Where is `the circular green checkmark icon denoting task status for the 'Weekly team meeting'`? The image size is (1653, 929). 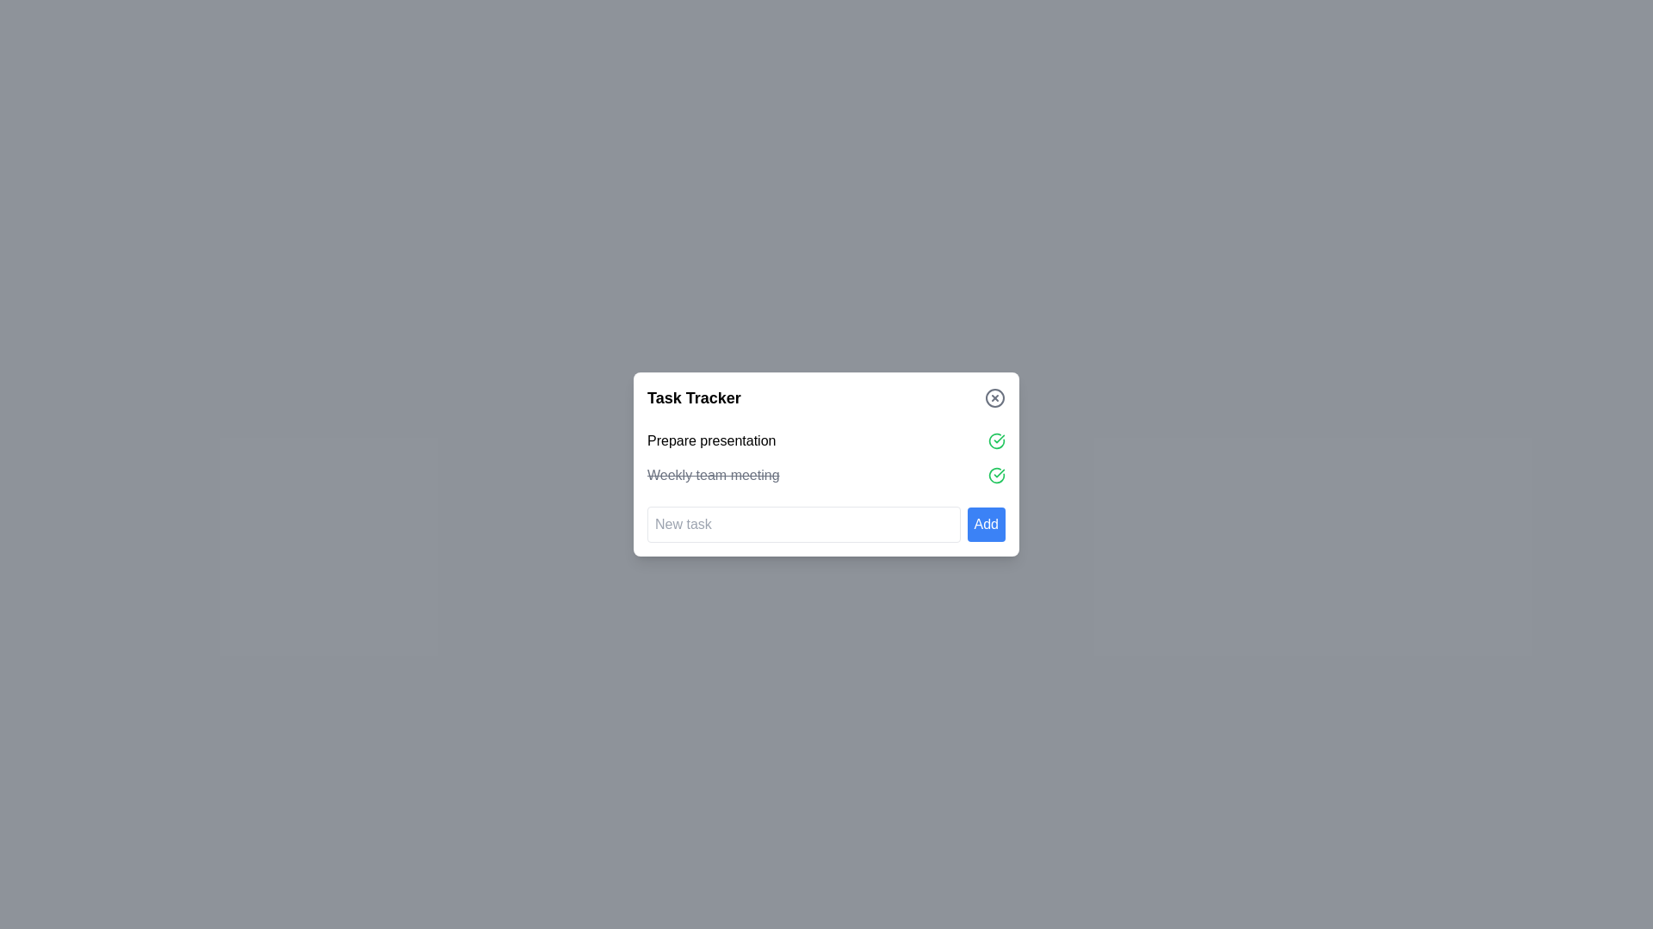
the circular green checkmark icon denoting task status for the 'Weekly team meeting' is located at coordinates (996, 475).